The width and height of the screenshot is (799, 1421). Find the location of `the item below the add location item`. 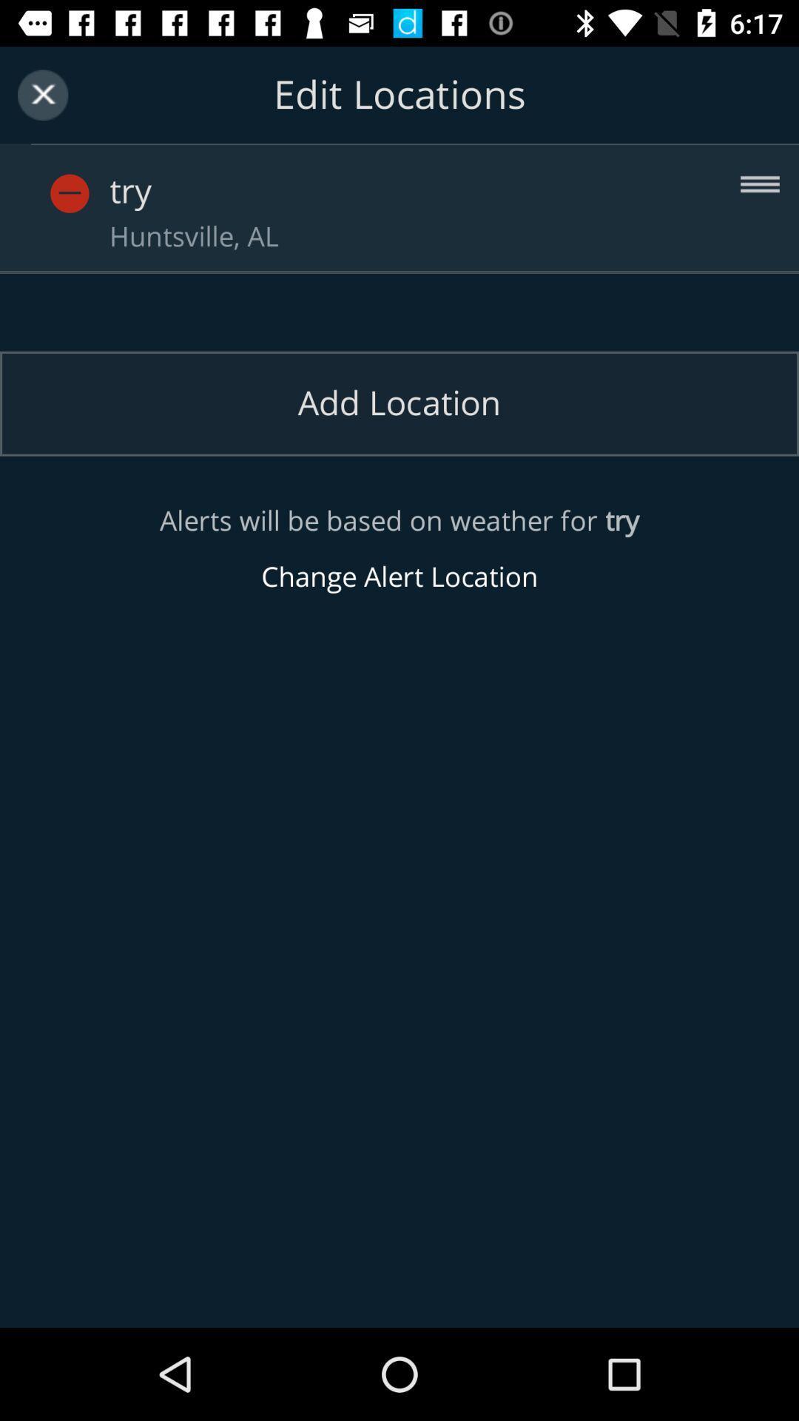

the item below the add location item is located at coordinates (399, 548).